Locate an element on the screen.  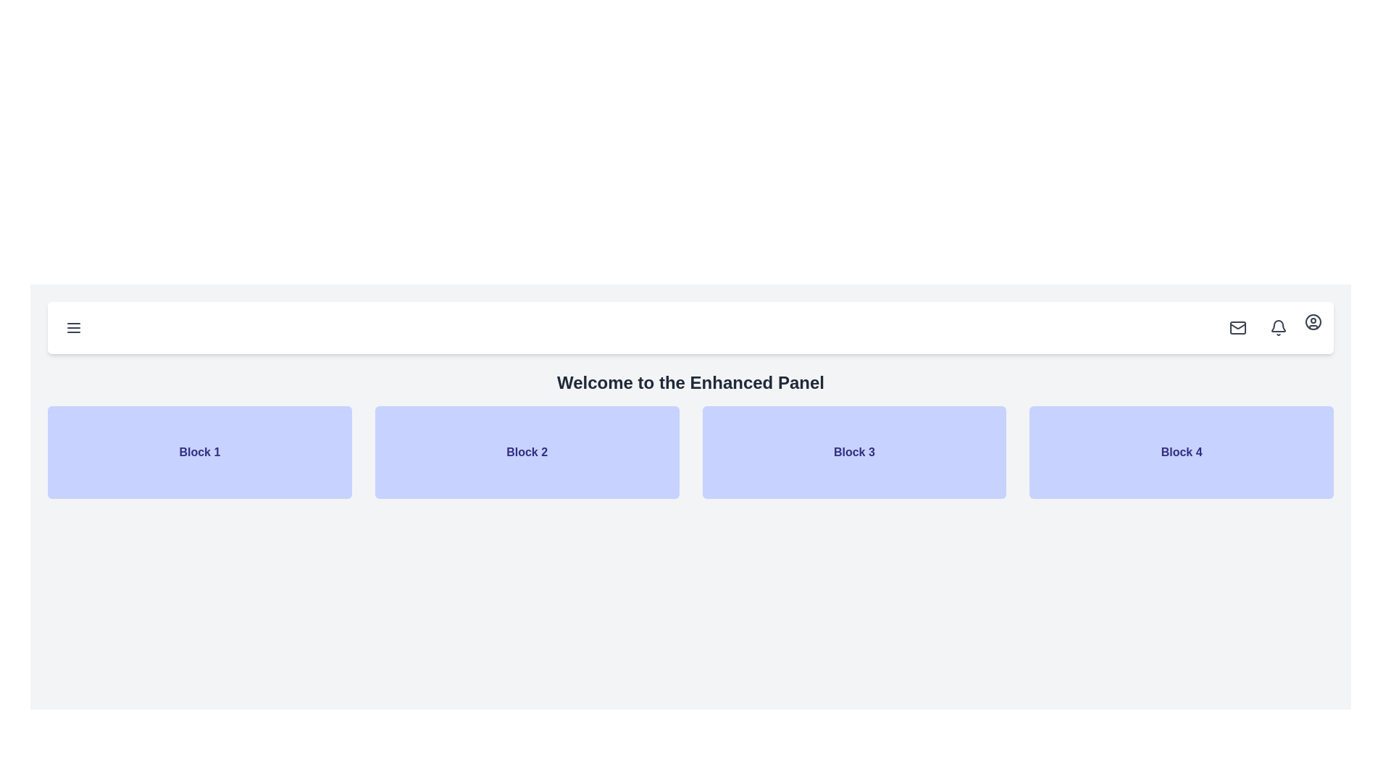
the Information display box located under the heading 'Welcome to the Enhanced Panel', which is the third box in a row of four similar-looking boxes is located at coordinates (854, 451).